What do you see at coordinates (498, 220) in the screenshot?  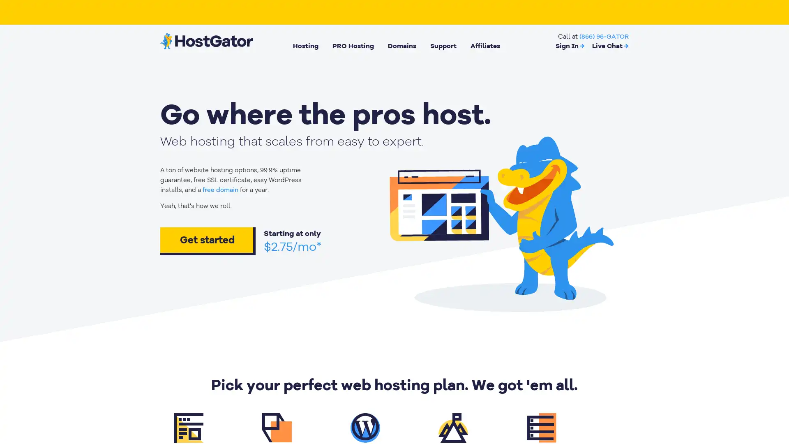 I see `animation` at bounding box center [498, 220].